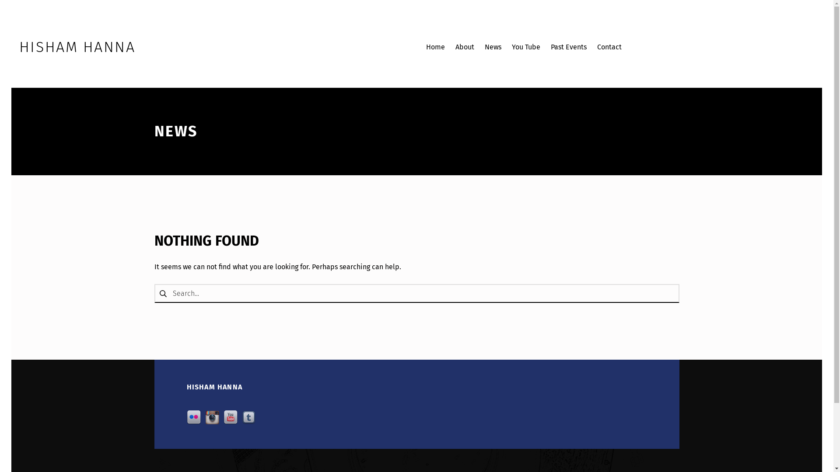 This screenshot has width=840, height=472. What do you see at coordinates (525, 47) in the screenshot?
I see `'You Tube'` at bounding box center [525, 47].